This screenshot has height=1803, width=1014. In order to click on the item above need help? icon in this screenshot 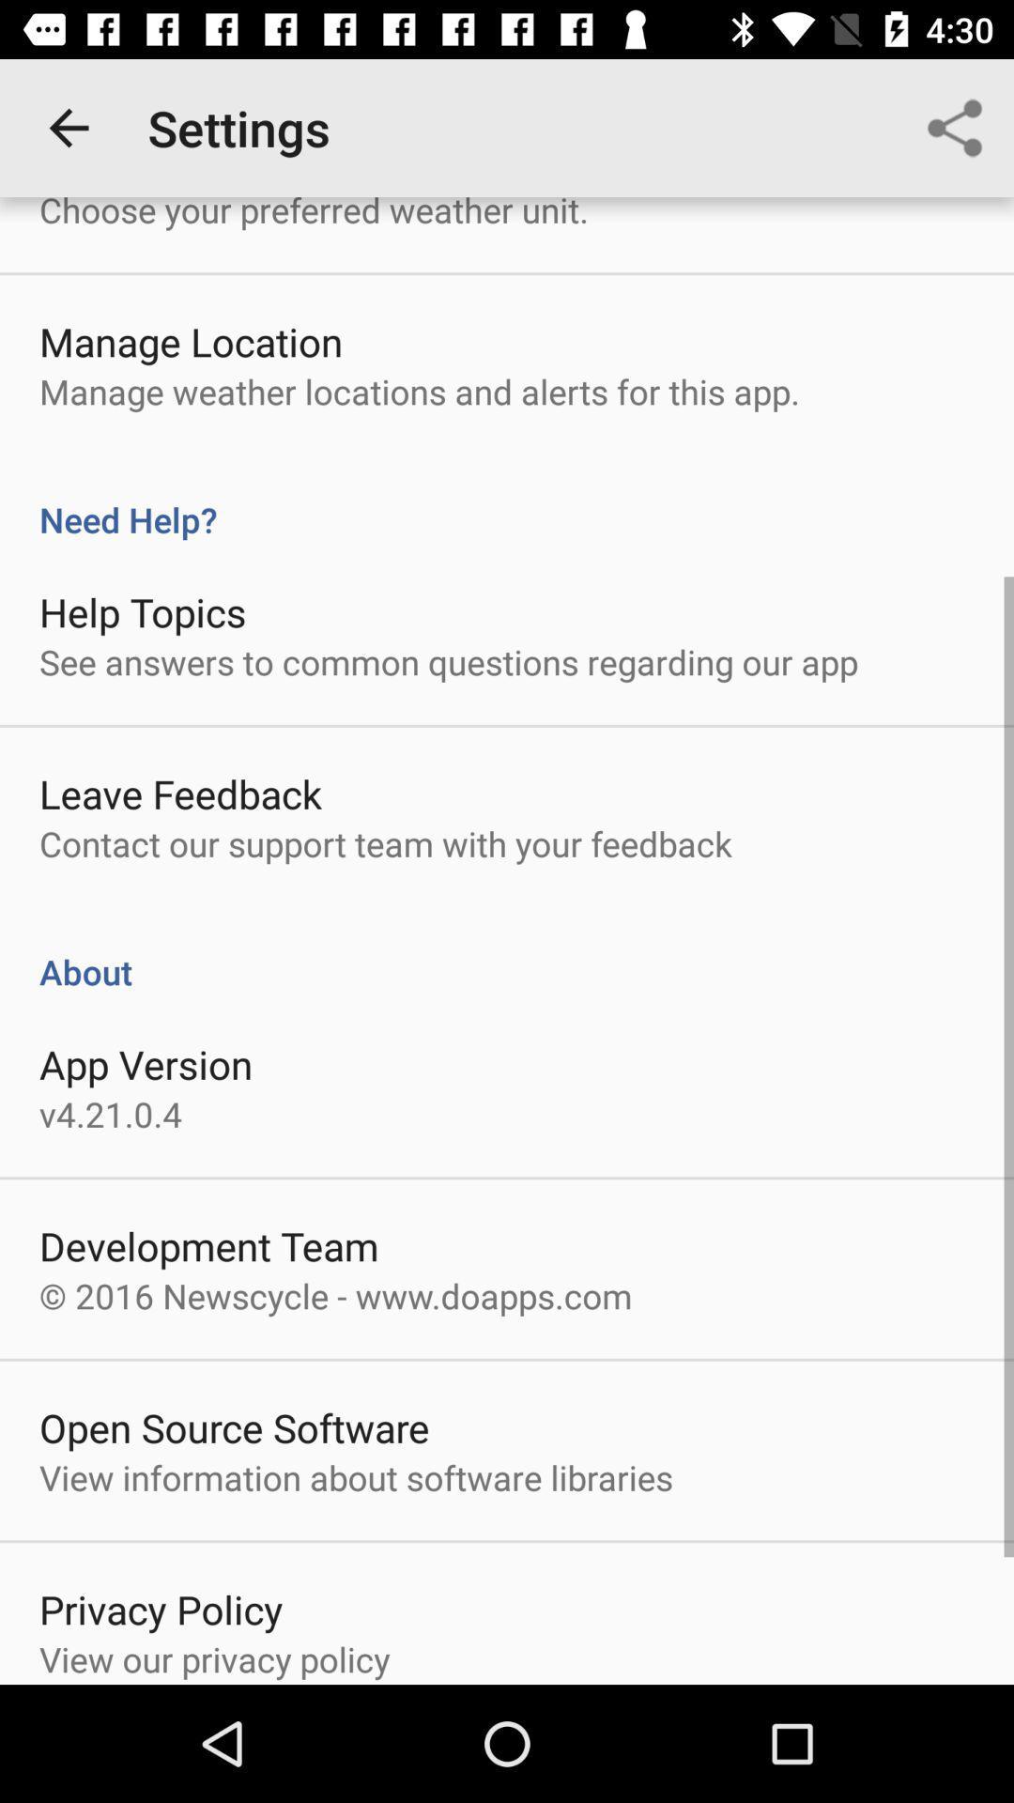, I will do `click(419, 391)`.